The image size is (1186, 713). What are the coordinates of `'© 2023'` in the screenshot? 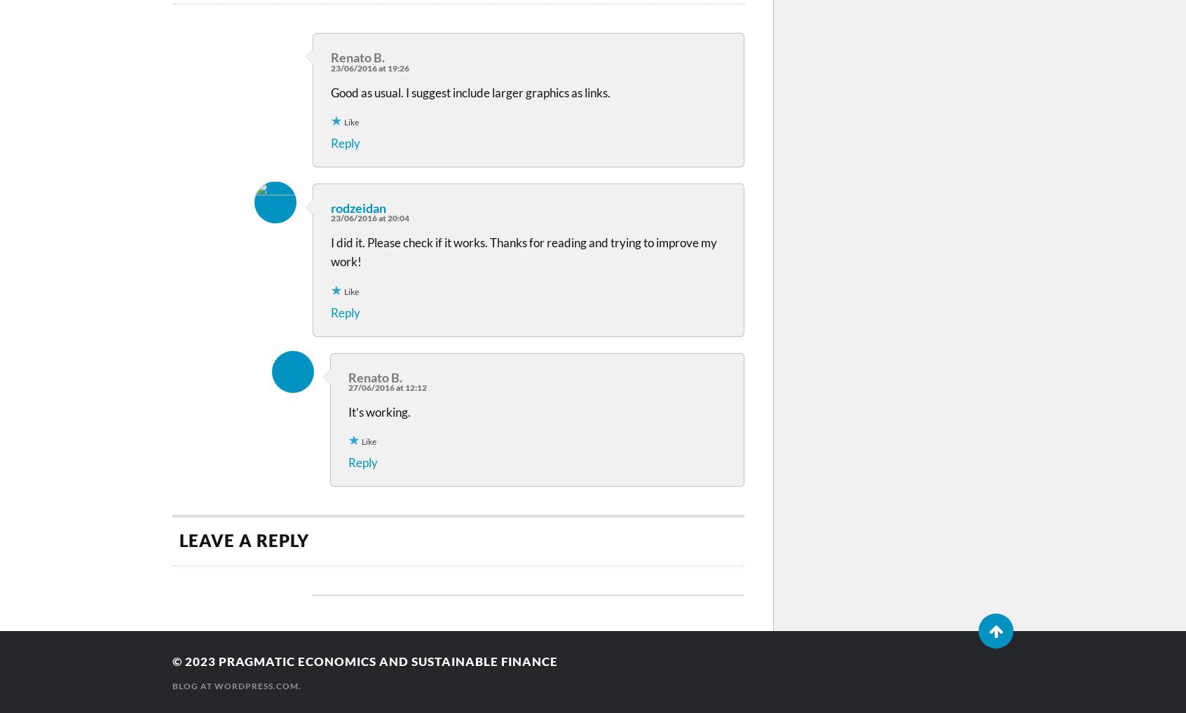 It's located at (196, 660).